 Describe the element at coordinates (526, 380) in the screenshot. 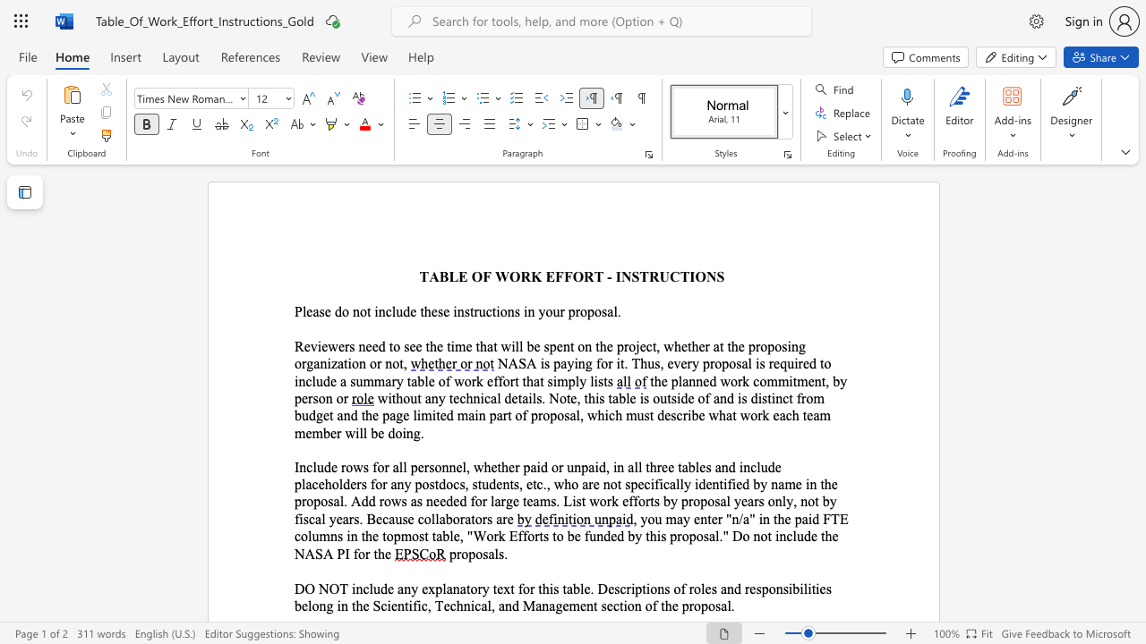

I see `the subset text "hat simpl" within the text "to include a summary table of work effort that simply lists"` at that location.